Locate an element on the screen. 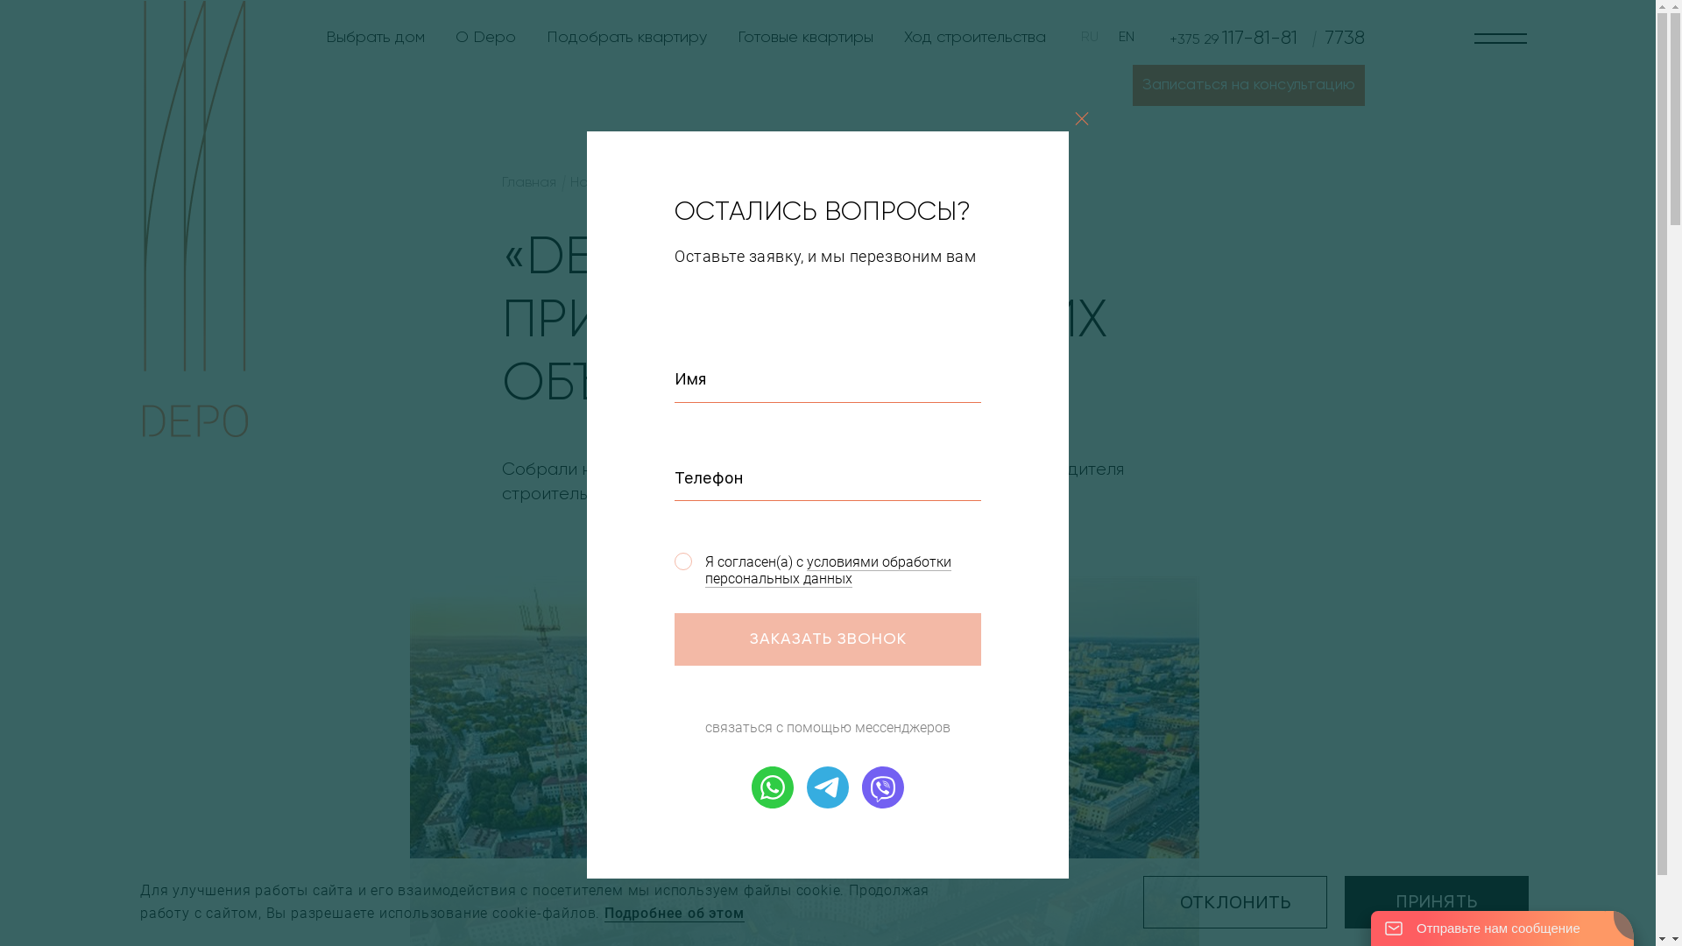  '7738' is located at coordinates (1332, 39).